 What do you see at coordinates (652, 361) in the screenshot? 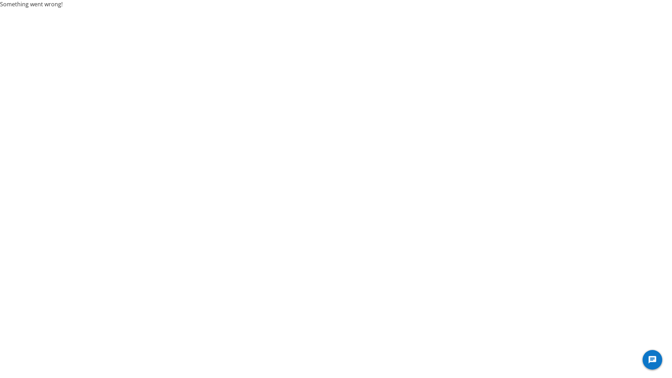
I see `'Genesys Messenger Launcher'` at bounding box center [652, 361].